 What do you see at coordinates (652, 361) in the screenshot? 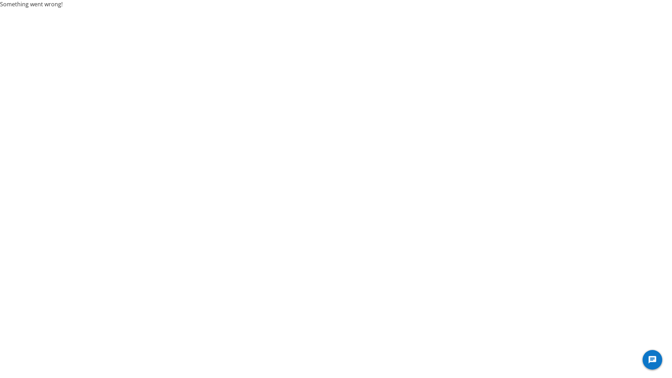
I see `'Genesys Messenger Launcher'` at bounding box center [652, 361].